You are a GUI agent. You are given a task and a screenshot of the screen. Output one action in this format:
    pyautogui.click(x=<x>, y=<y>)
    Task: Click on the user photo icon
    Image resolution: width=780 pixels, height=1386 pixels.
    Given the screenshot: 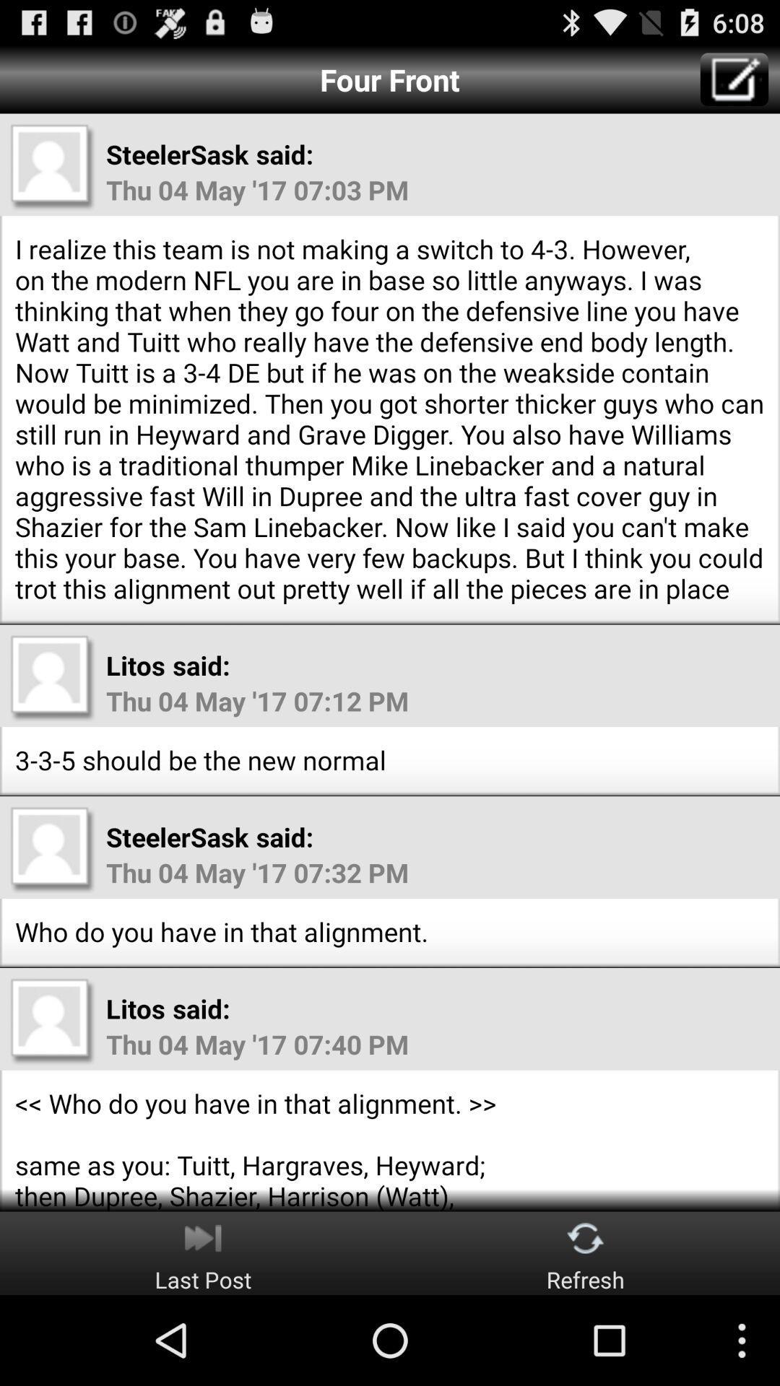 What is the action you would take?
    pyautogui.click(x=52, y=166)
    